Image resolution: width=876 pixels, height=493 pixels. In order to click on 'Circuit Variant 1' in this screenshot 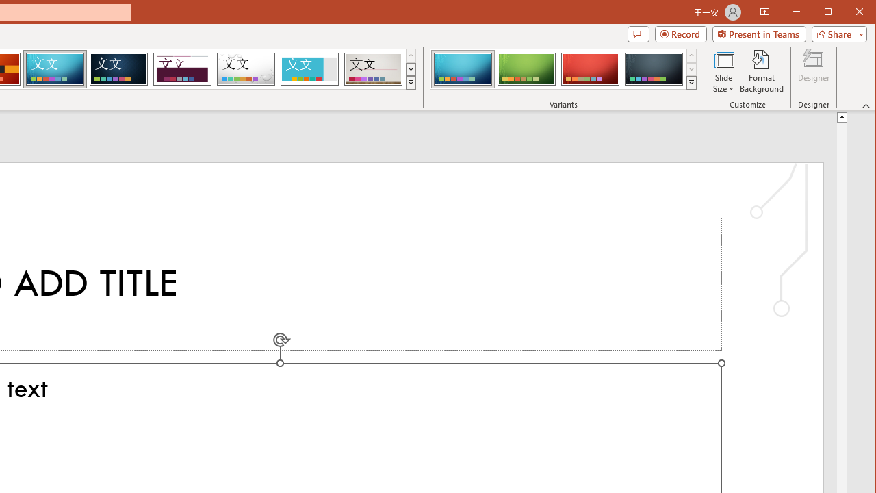, I will do `click(463, 68)`.